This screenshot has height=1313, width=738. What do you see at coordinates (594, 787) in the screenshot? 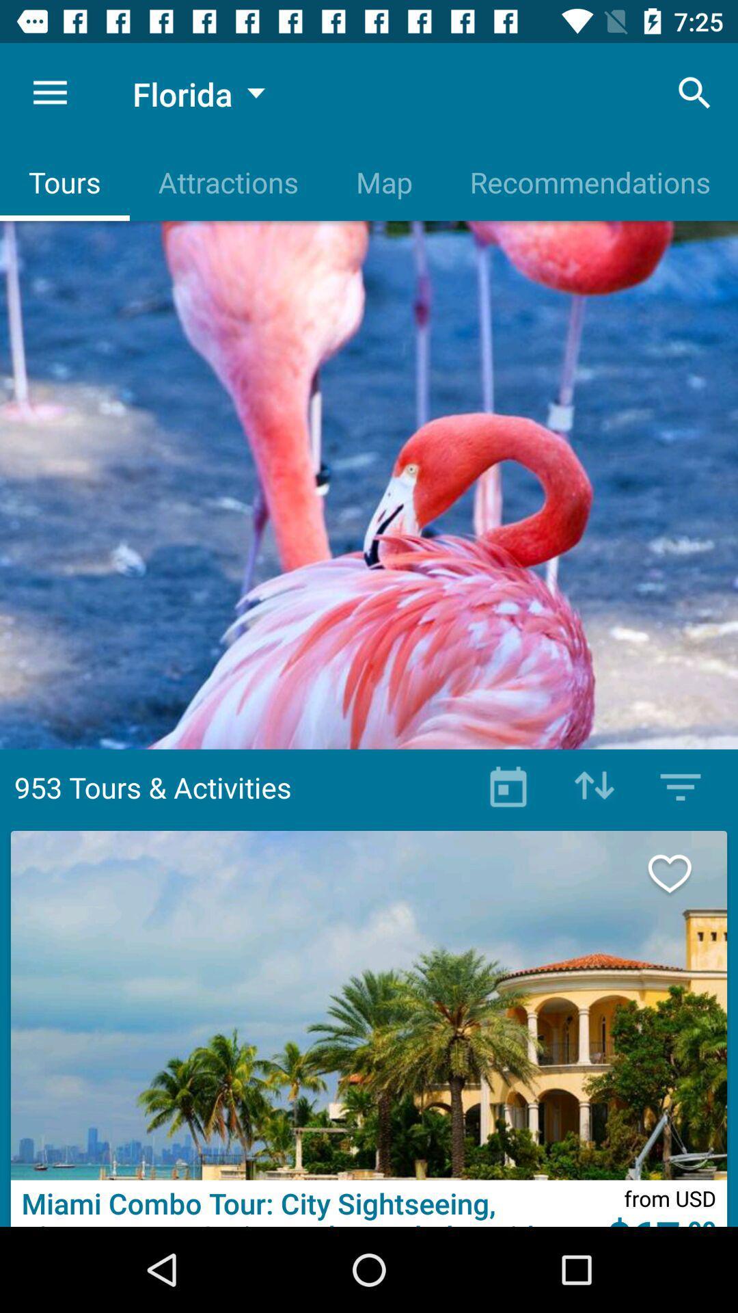
I see `move the button` at bounding box center [594, 787].